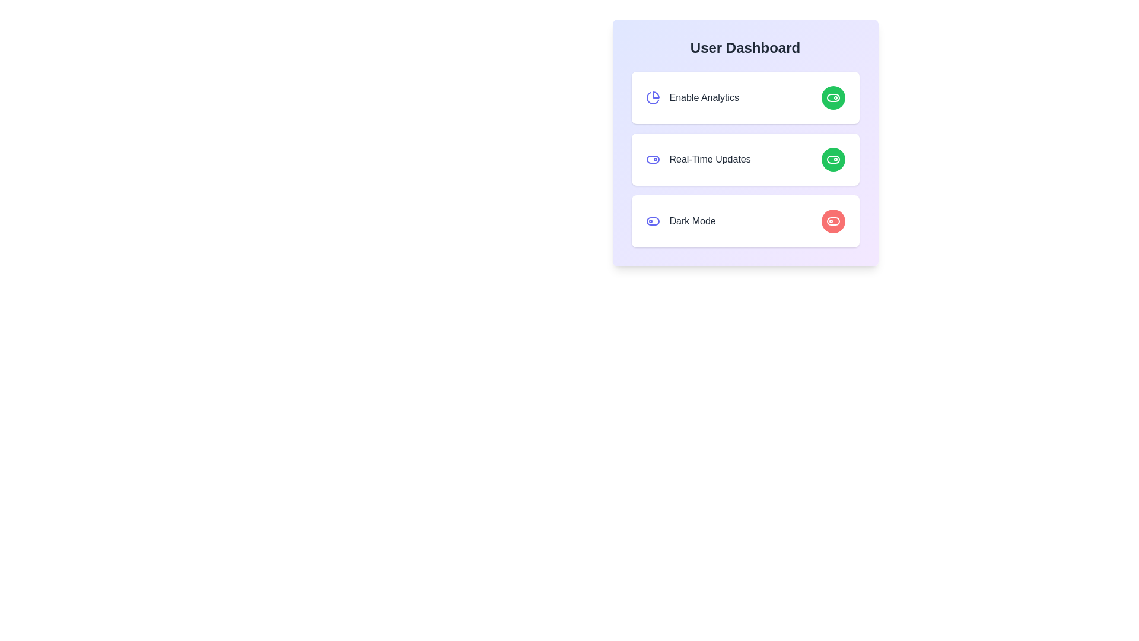 The image size is (1139, 641). Describe the element at coordinates (698, 159) in the screenshot. I see `the 'Real-Time Updates' button, which features a dark gray text label and a blue icon` at that location.